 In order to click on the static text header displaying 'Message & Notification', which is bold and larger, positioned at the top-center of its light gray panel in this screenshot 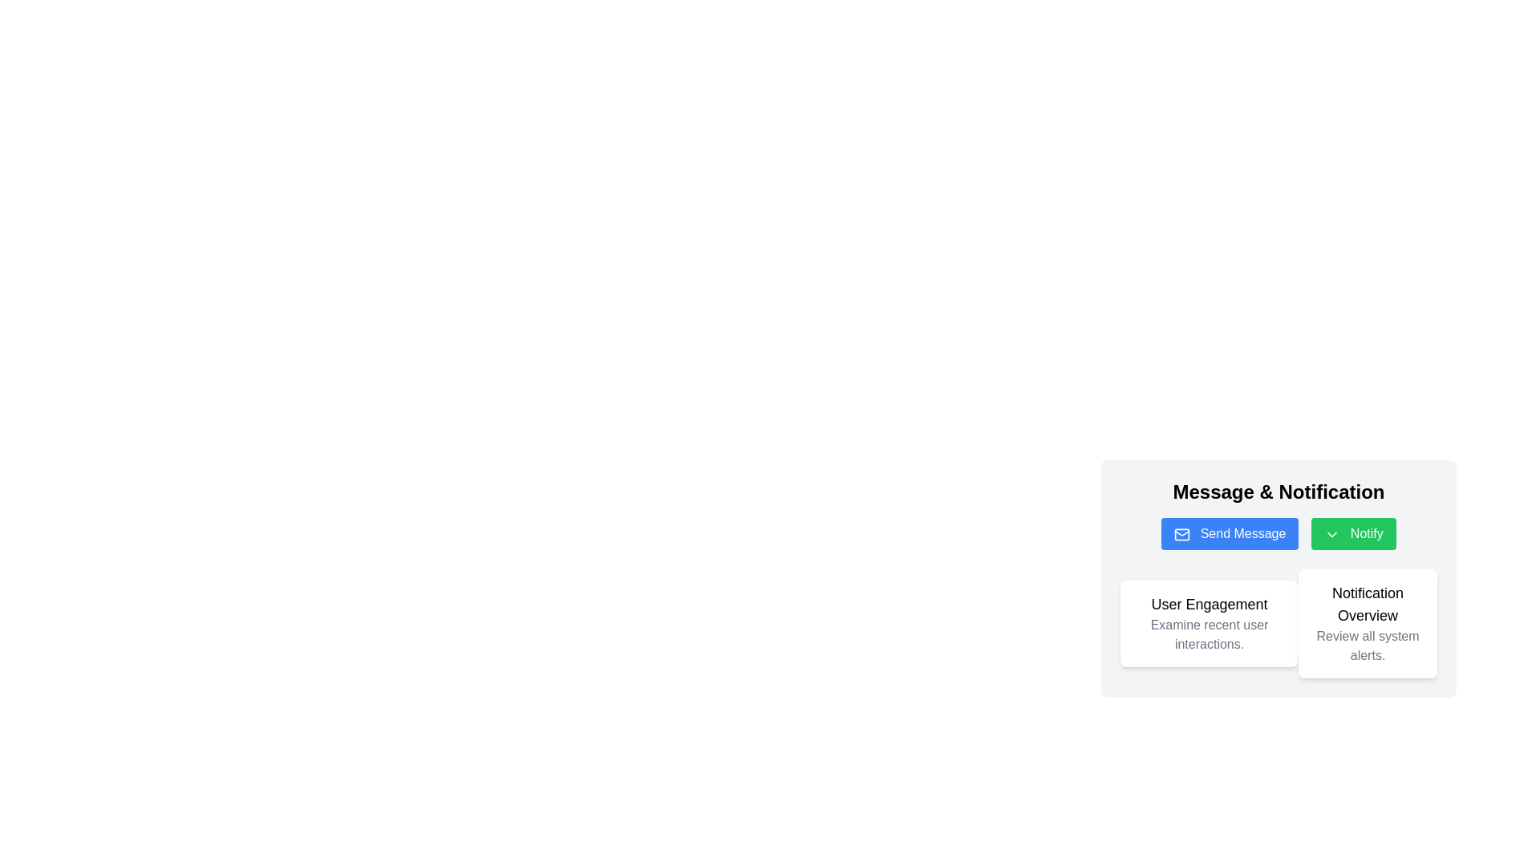, I will do `click(1278, 491)`.